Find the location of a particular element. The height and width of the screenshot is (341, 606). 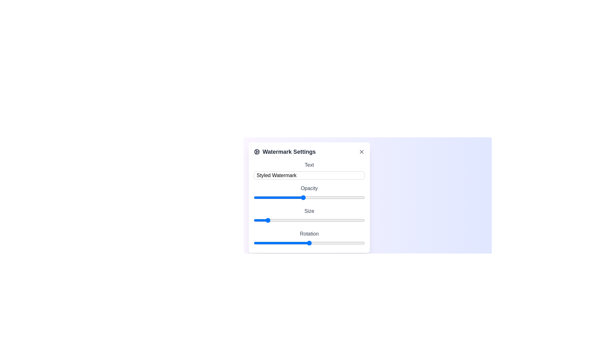

size is located at coordinates (318, 220).